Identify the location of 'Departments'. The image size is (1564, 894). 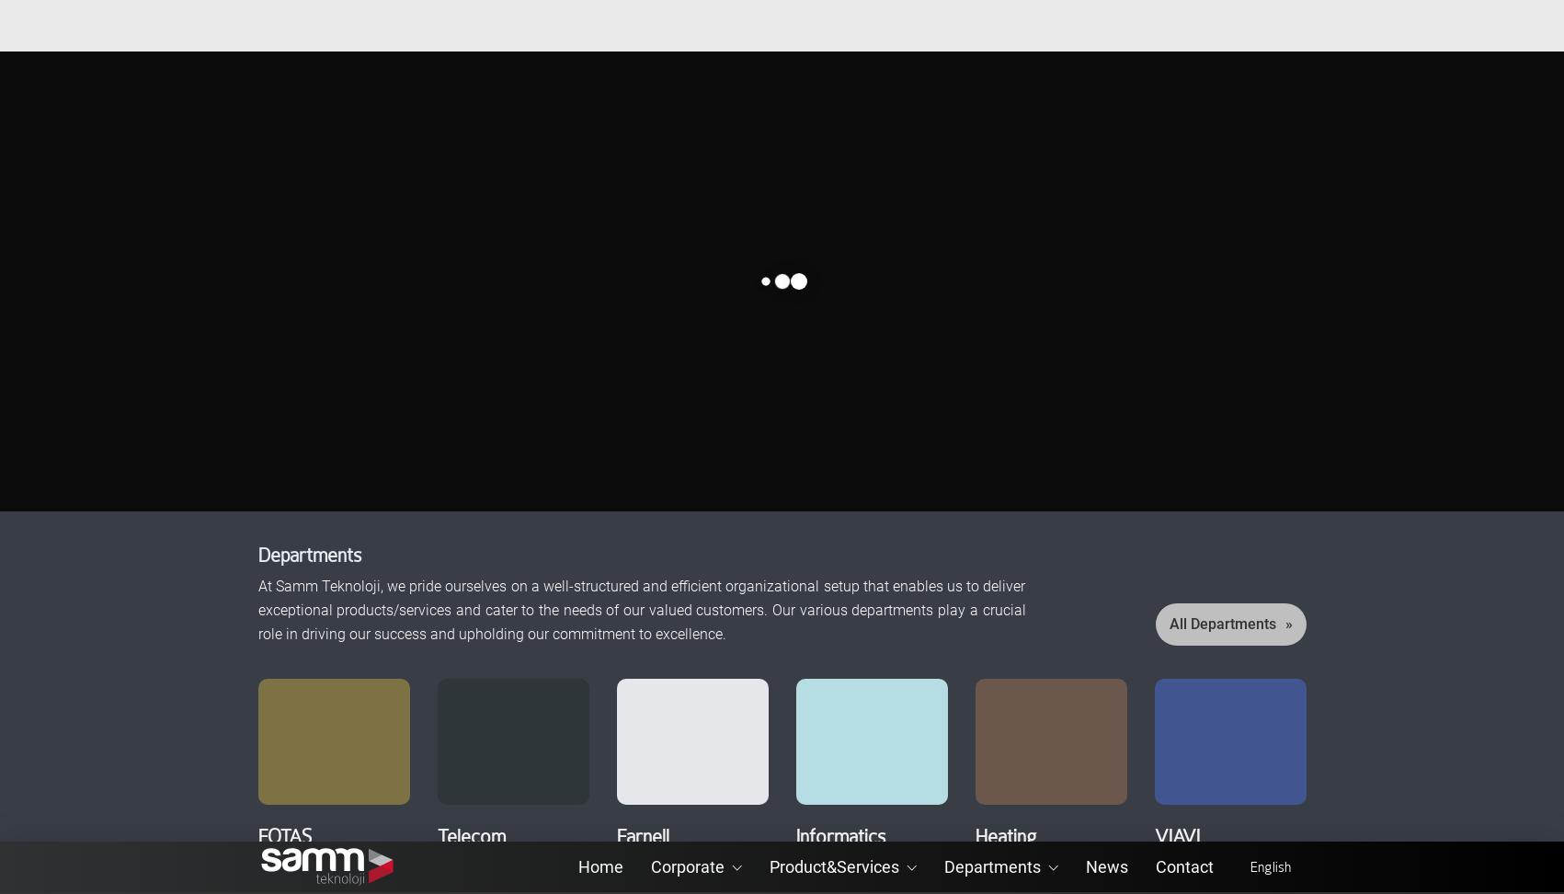
(991, 24).